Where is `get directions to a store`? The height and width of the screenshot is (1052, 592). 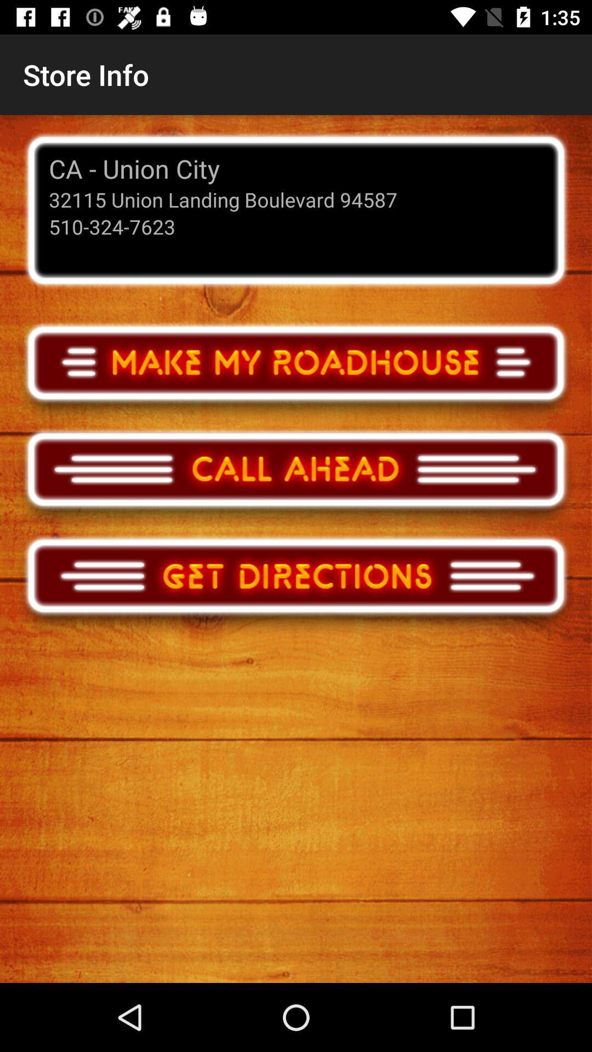 get directions to a store is located at coordinates (296, 585).